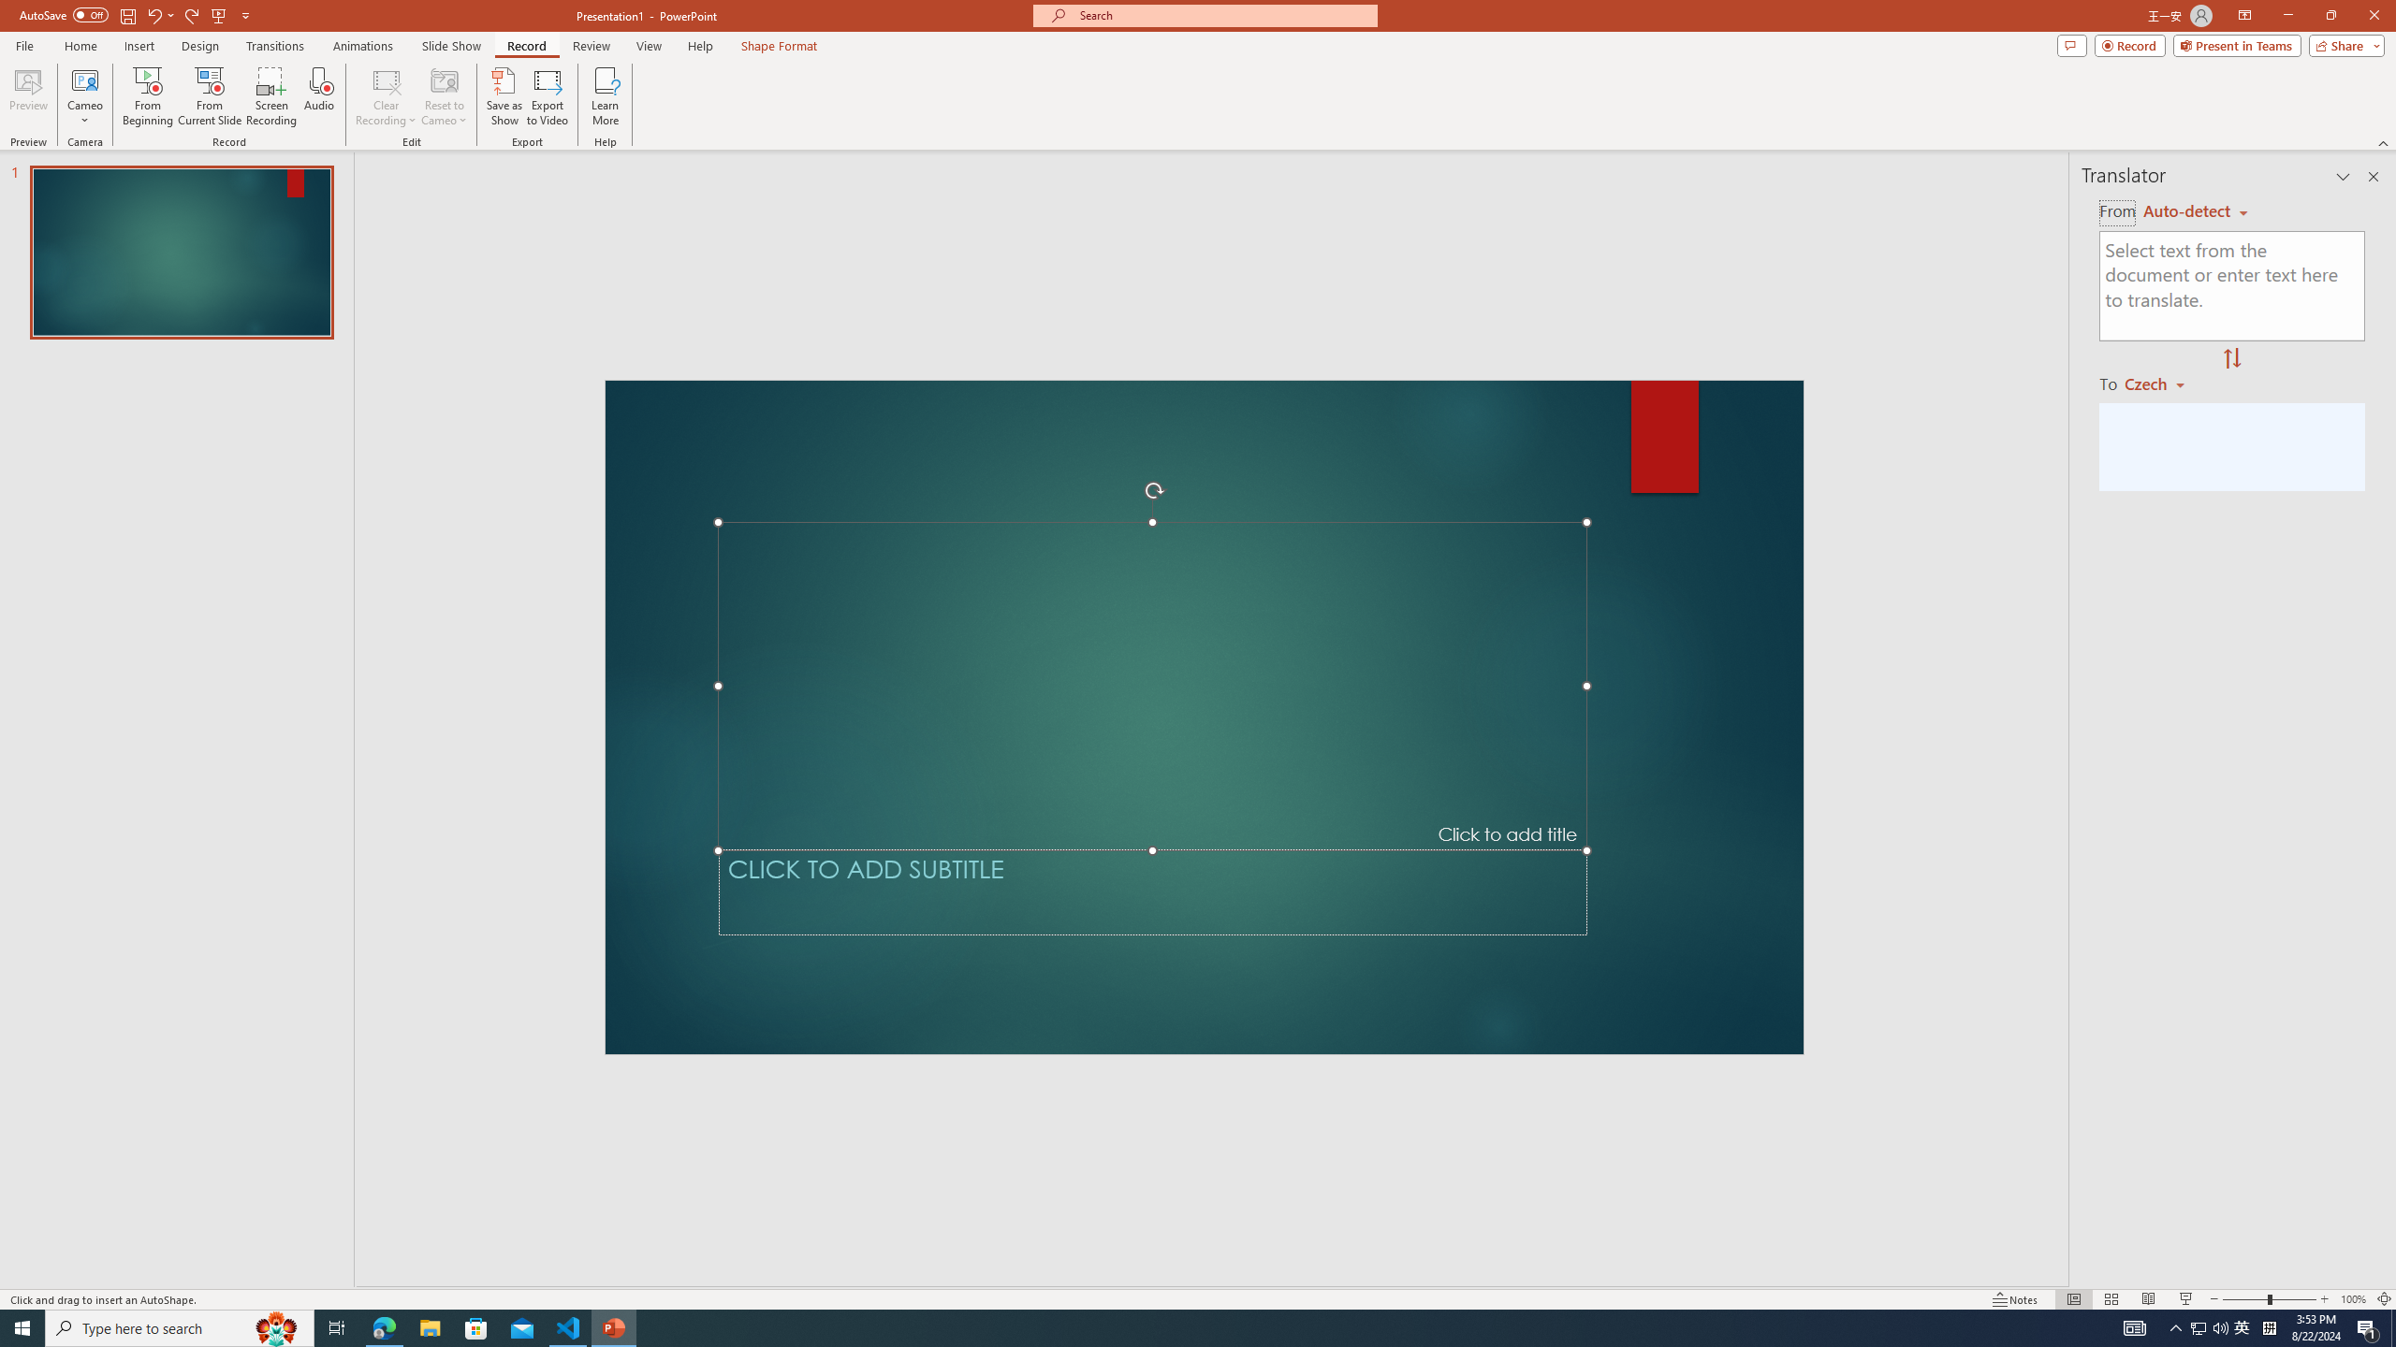 The height and width of the screenshot is (1347, 2396). What do you see at coordinates (2384, 143) in the screenshot?
I see `'Collapse the Ribbon'` at bounding box center [2384, 143].